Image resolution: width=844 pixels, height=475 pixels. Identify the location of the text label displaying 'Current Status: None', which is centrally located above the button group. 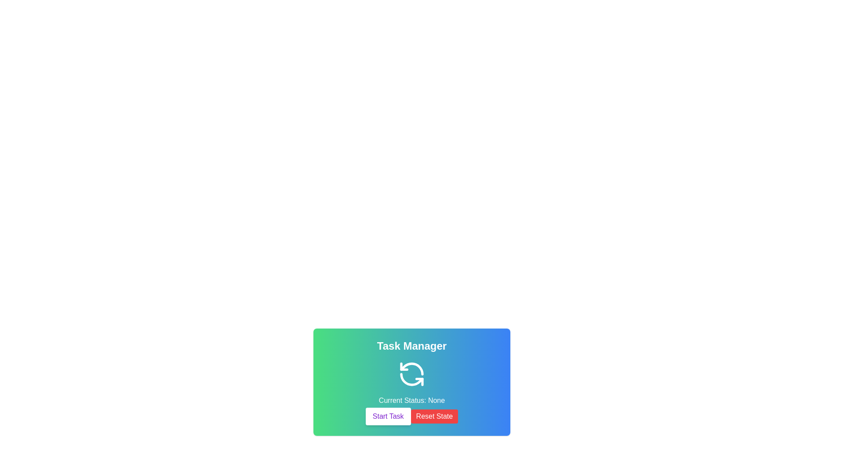
(411, 400).